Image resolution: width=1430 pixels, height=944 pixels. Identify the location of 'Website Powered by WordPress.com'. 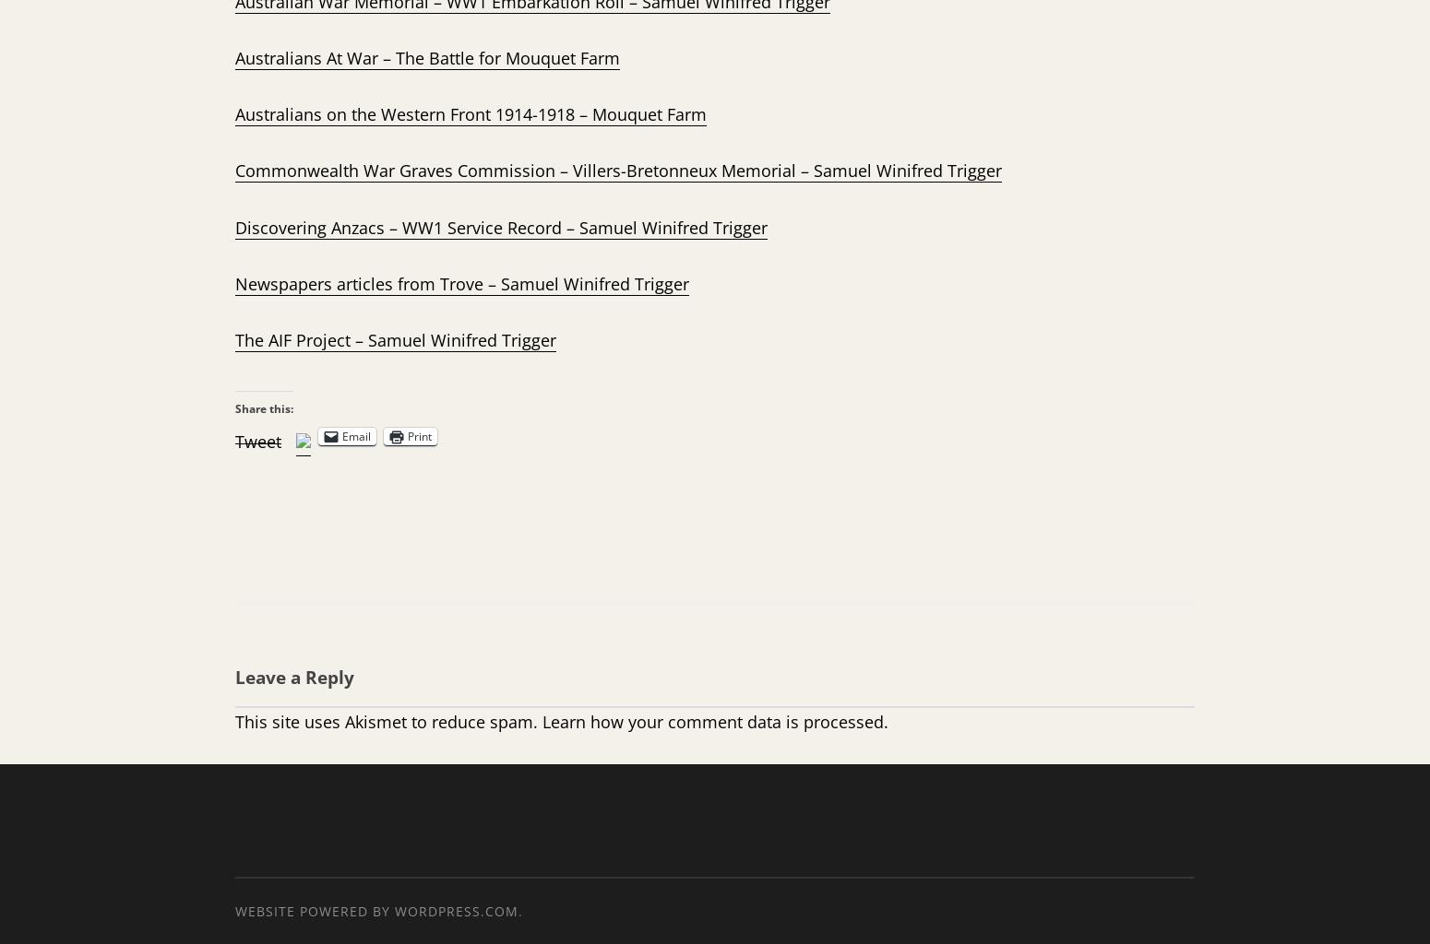
(376, 910).